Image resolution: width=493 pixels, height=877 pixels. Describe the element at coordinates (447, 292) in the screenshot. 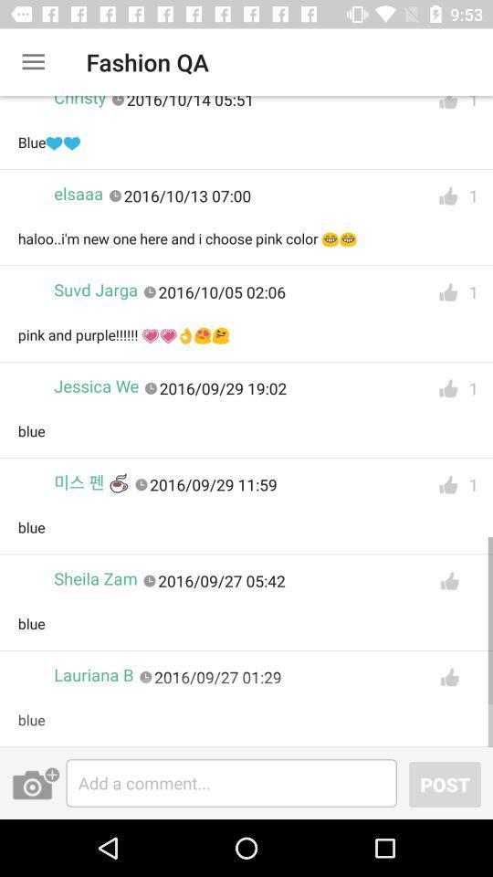

I see `like comment` at that location.